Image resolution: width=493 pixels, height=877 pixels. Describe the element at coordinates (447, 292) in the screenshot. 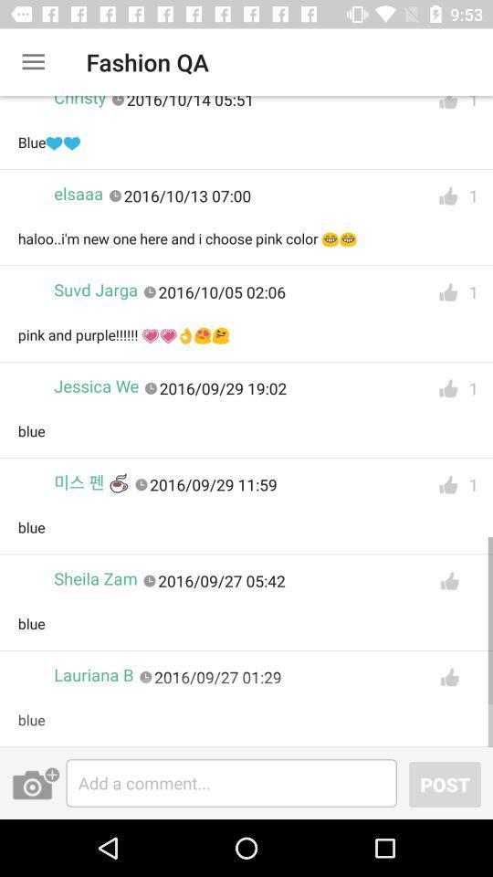

I see `like comment` at that location.